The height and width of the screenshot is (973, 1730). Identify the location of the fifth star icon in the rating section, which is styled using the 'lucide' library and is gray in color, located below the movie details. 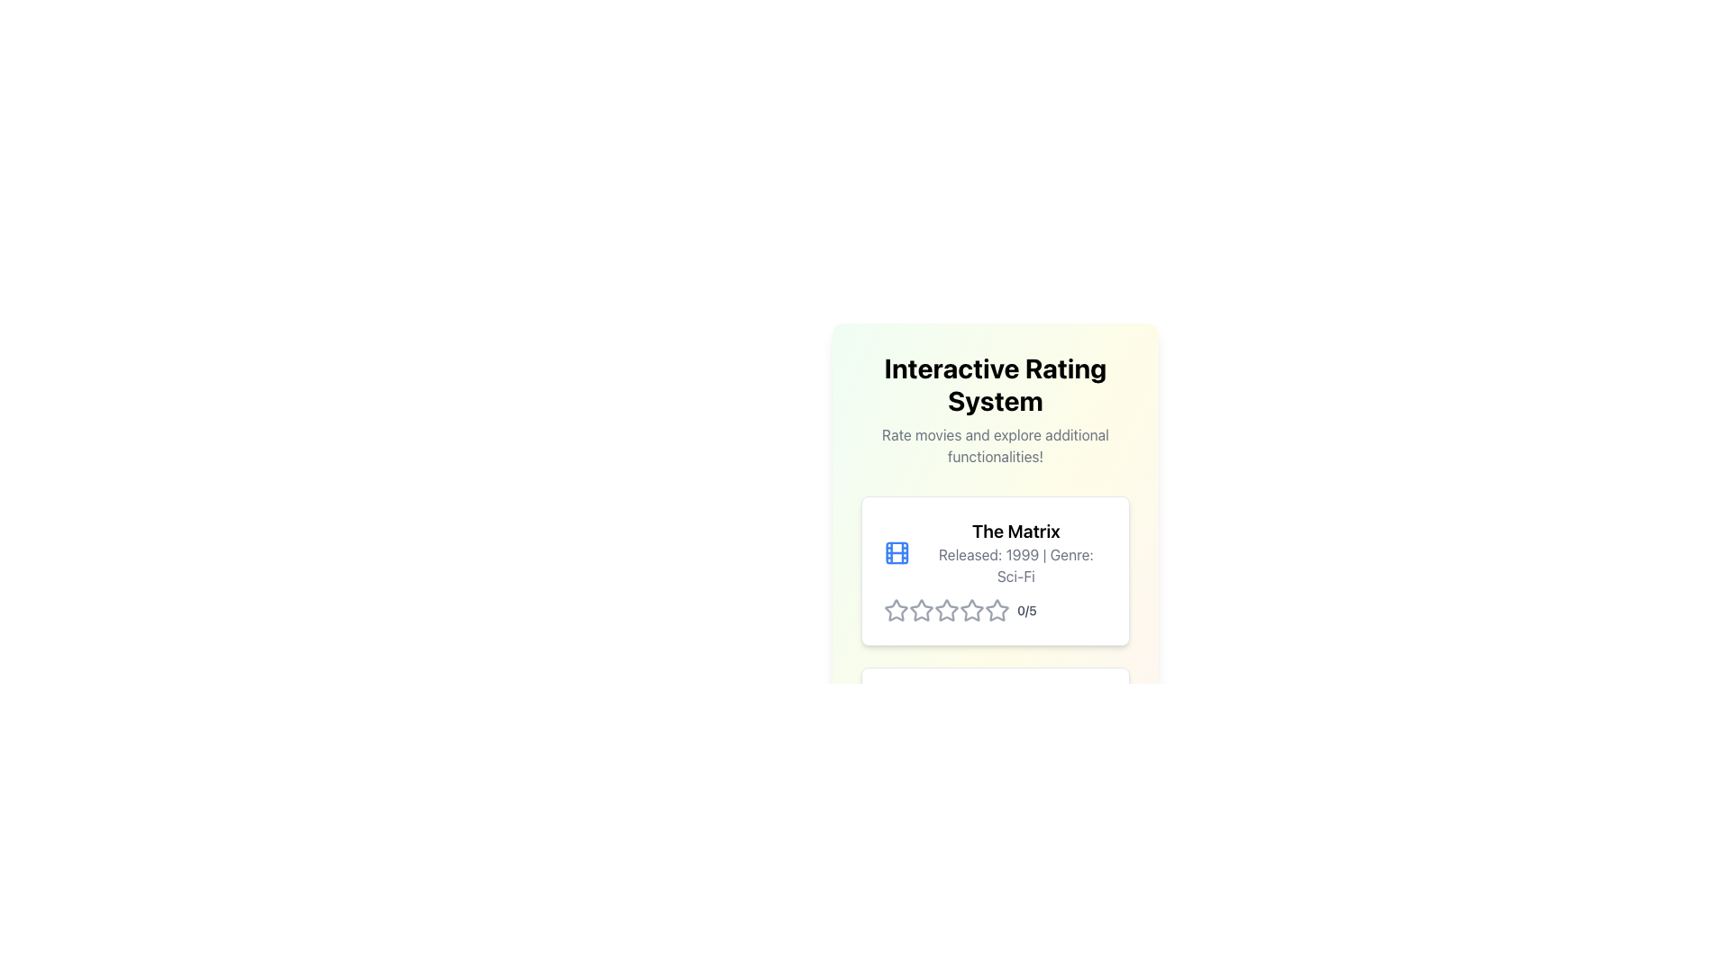
(997, 610).